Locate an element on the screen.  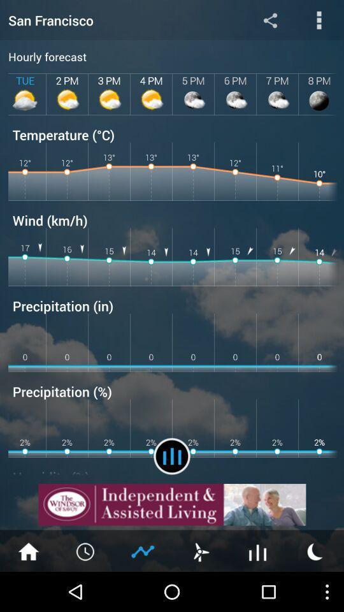
rating is located at coordinates (143, 550).